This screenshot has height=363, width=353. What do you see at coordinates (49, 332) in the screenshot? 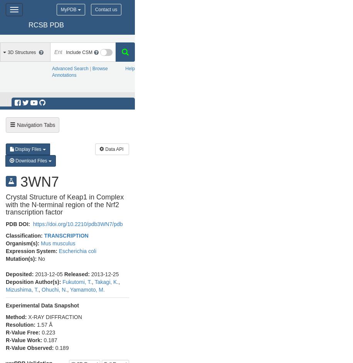
I see `'0.223'` at bounding box center [49, 332].